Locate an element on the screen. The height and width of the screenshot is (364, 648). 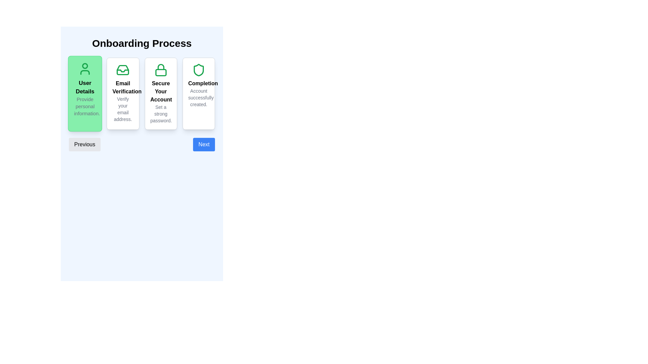
the graphical component of the user icon located within the green-highlighted 'User Details' navigation card in the onboarding process is located at coordinates (85, 72).